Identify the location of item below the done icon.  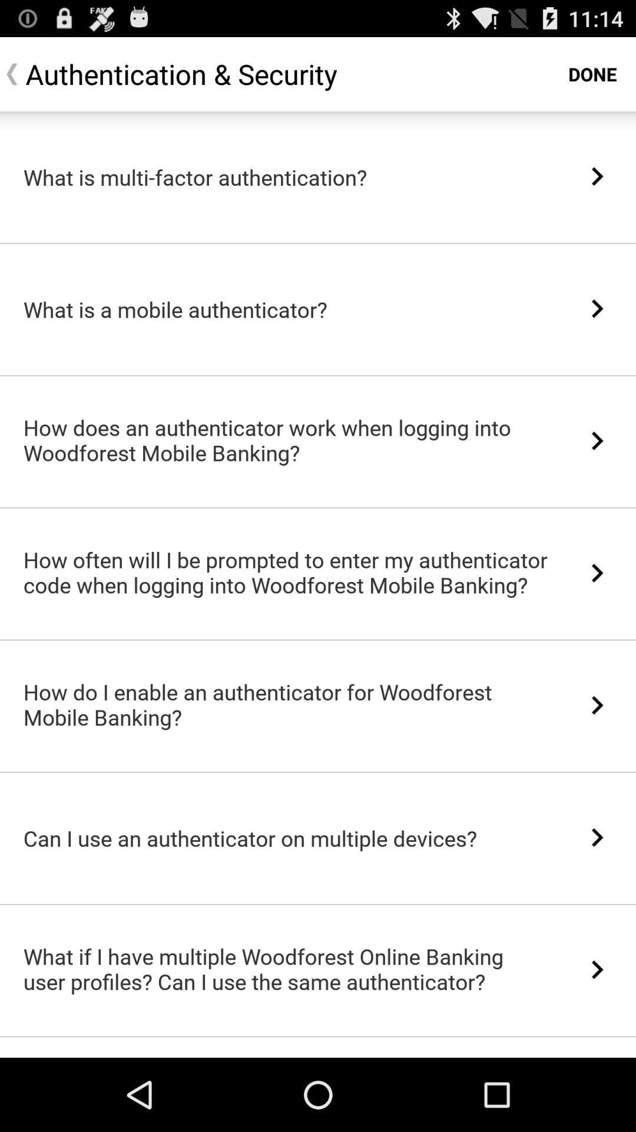
(597, 176).